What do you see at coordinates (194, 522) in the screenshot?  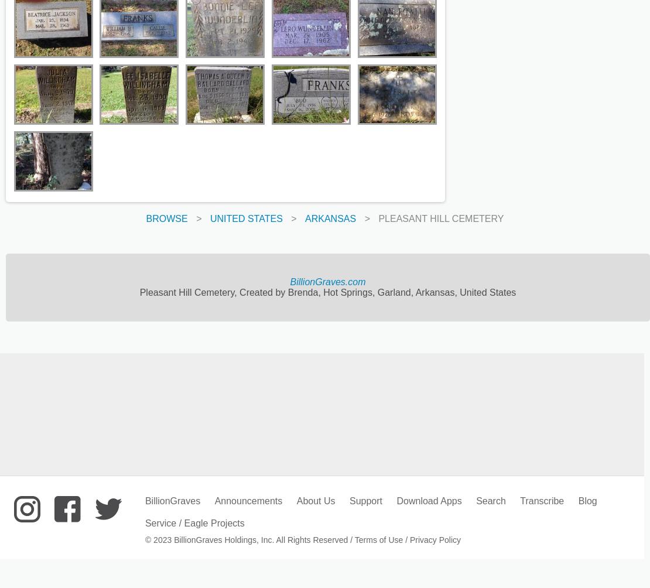 I see `'Service / Eagle Projects'` at bounding box center [194, 522].